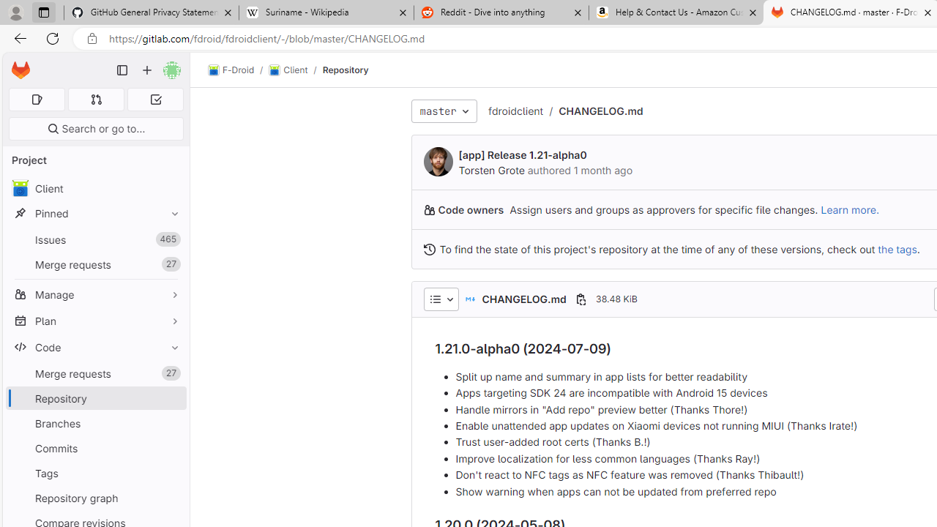  Describe the element at coordinates (171, 423) in the screenshot. I see `'Pin Branches'` at that location.